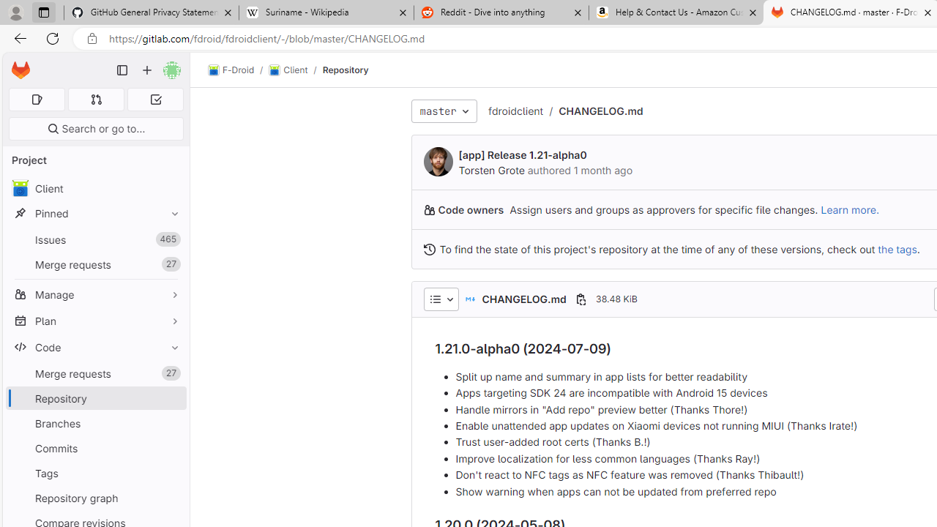  Describe the element at coordinates (171, 423) in the screenshot. I see `'Pin Branches'` at that location.